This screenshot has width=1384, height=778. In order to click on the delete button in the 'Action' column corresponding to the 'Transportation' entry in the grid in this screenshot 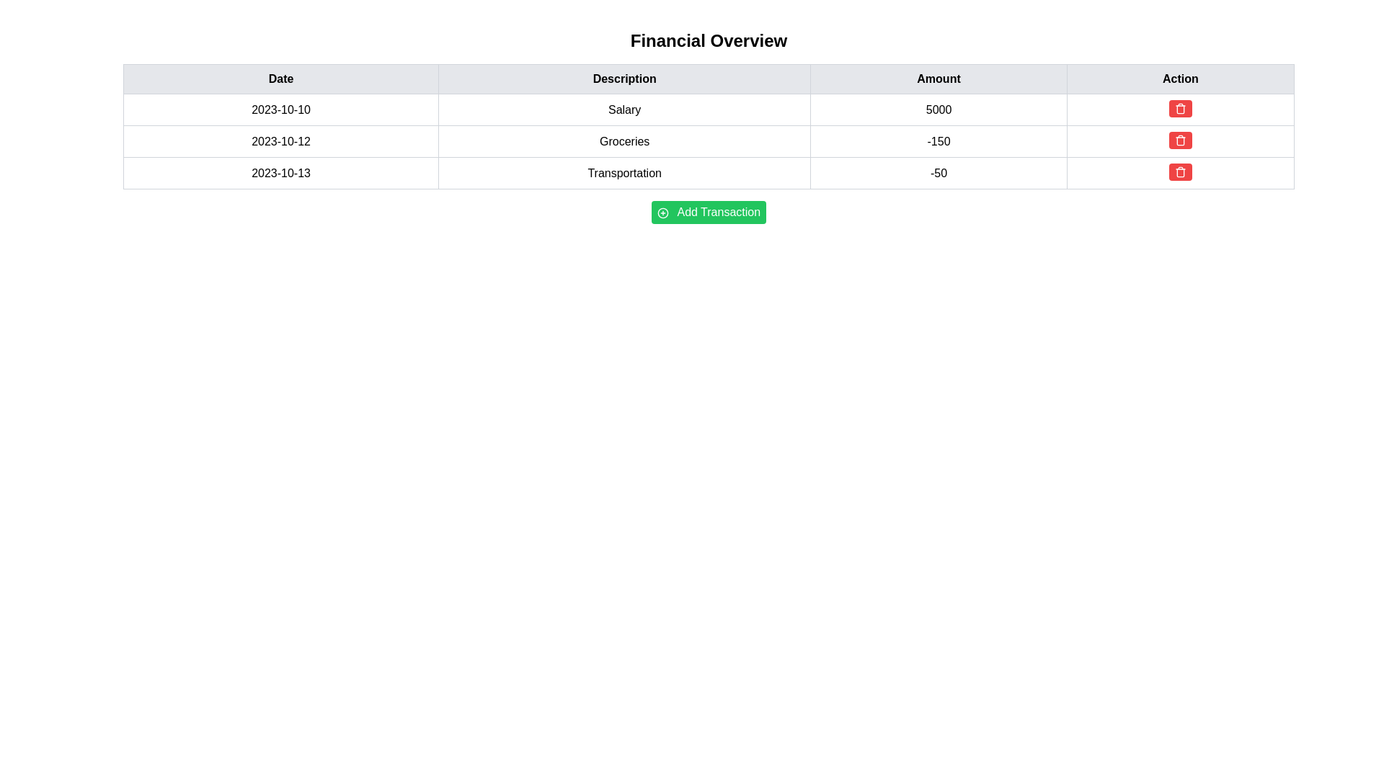, I will do `click(1180, 171)`.